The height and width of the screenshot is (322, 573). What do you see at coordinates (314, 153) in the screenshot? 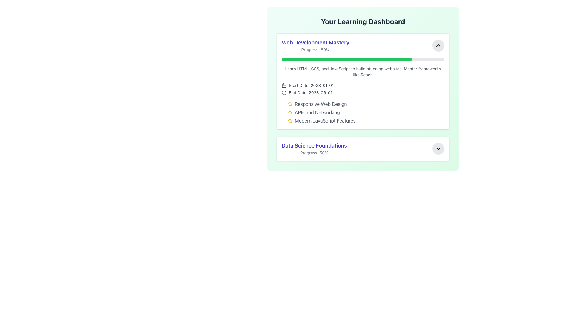
I see `the informational indicator Text Label that displays the progress percentage for the 'Data Science Foundations' course, positioned directly under the course title` at bounding box center [314, 153].